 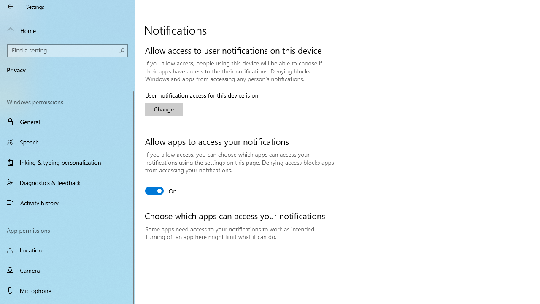 What do you see at coordinates (67, 141) in the screenshot?
I see `'Speech'` at bounding box center [67, 141].